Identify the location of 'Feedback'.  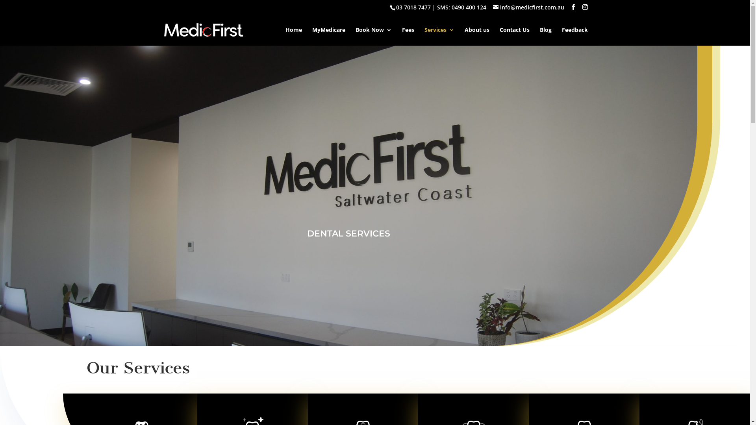
(574, 36).